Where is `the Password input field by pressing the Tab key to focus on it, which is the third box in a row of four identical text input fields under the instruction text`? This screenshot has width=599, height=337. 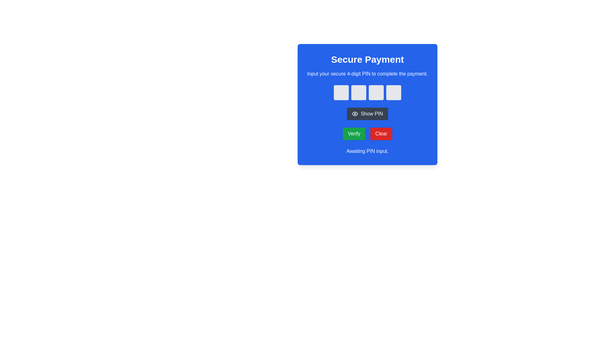
the Password input field by pressing the Tab key to focus on it, which is the third box in a row of four identical text input fields under the instruction text is located at coordinates (376, 93).